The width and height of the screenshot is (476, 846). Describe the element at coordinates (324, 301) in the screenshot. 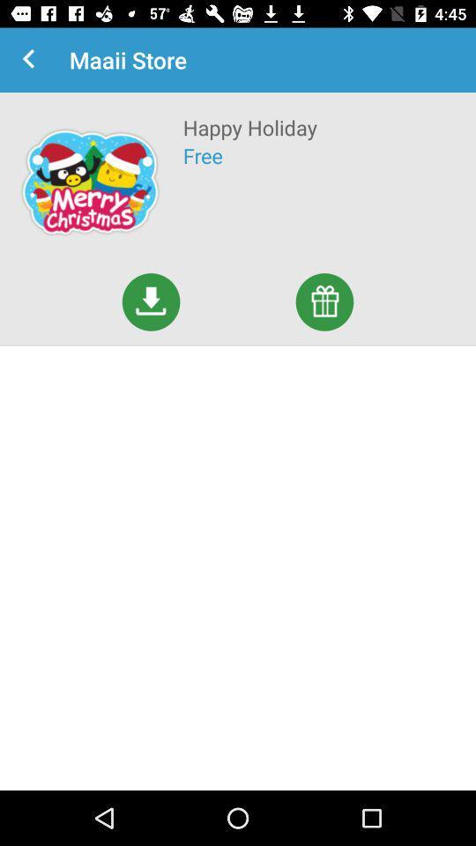

I see `the gift icon` at that location.